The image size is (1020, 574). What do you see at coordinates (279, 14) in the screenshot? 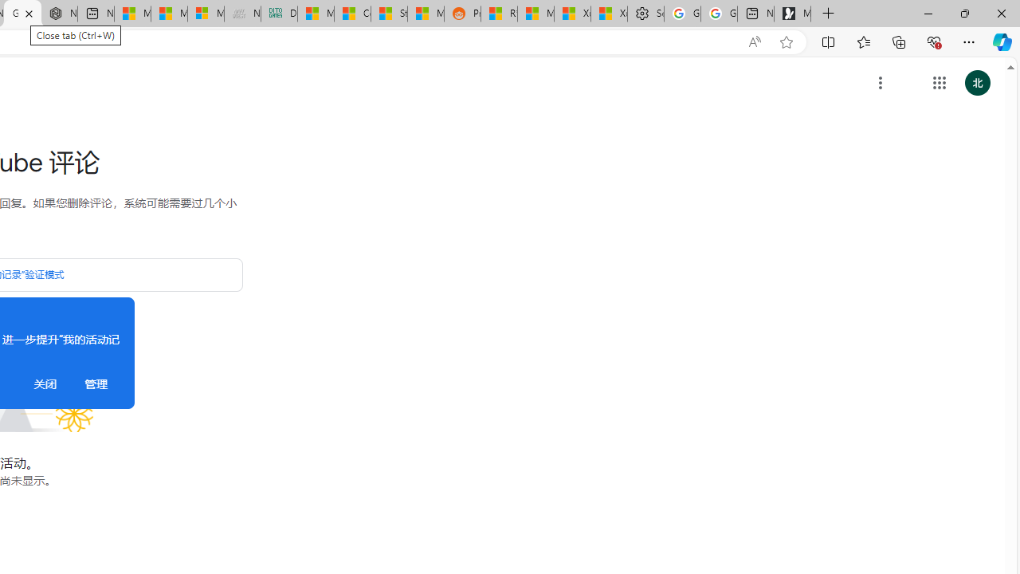
I see `'DITOGAMES AG Imprint'` at bounding box center [279, 14].